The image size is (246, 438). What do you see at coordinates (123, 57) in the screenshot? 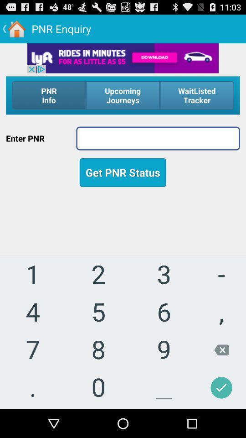
I see `see advertisement` at bounding box center [123, 57].